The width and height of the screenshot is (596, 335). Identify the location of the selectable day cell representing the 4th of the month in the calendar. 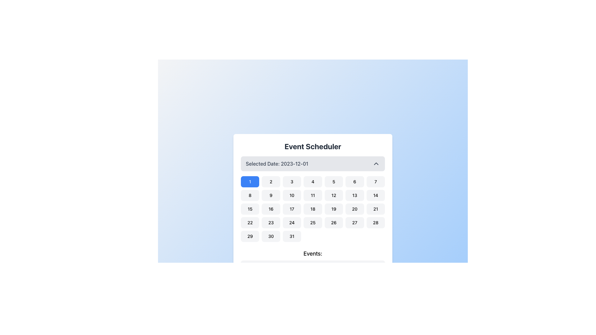
(313, 181).